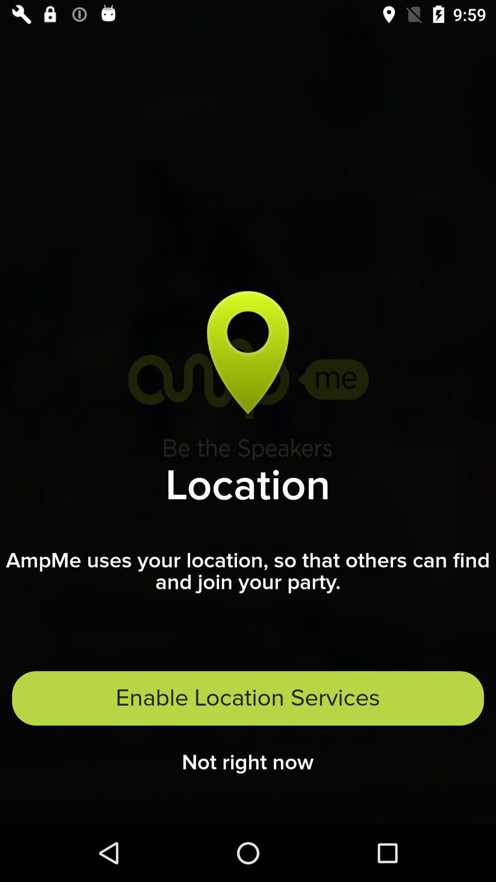  Describe the element at coordinates (248, 698) in the screenshot. I see `enable location services icon` at that location.